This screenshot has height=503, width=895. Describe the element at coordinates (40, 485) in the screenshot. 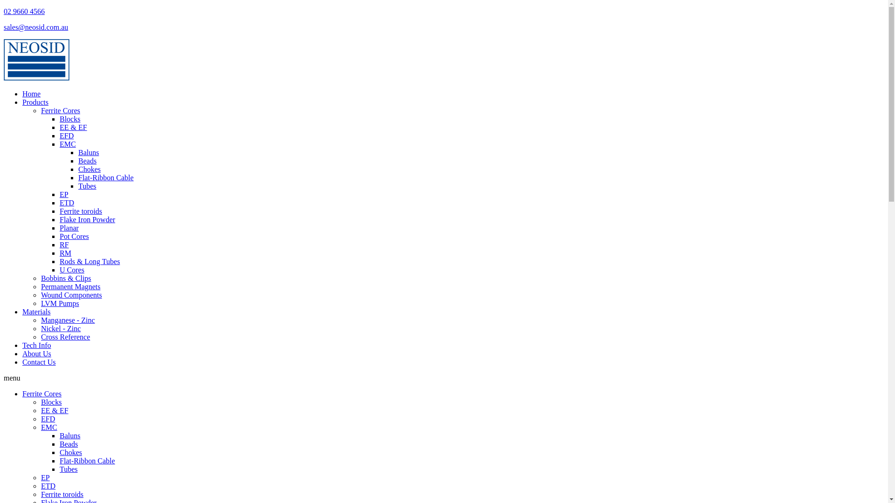

I see `'ETD'` at that location.